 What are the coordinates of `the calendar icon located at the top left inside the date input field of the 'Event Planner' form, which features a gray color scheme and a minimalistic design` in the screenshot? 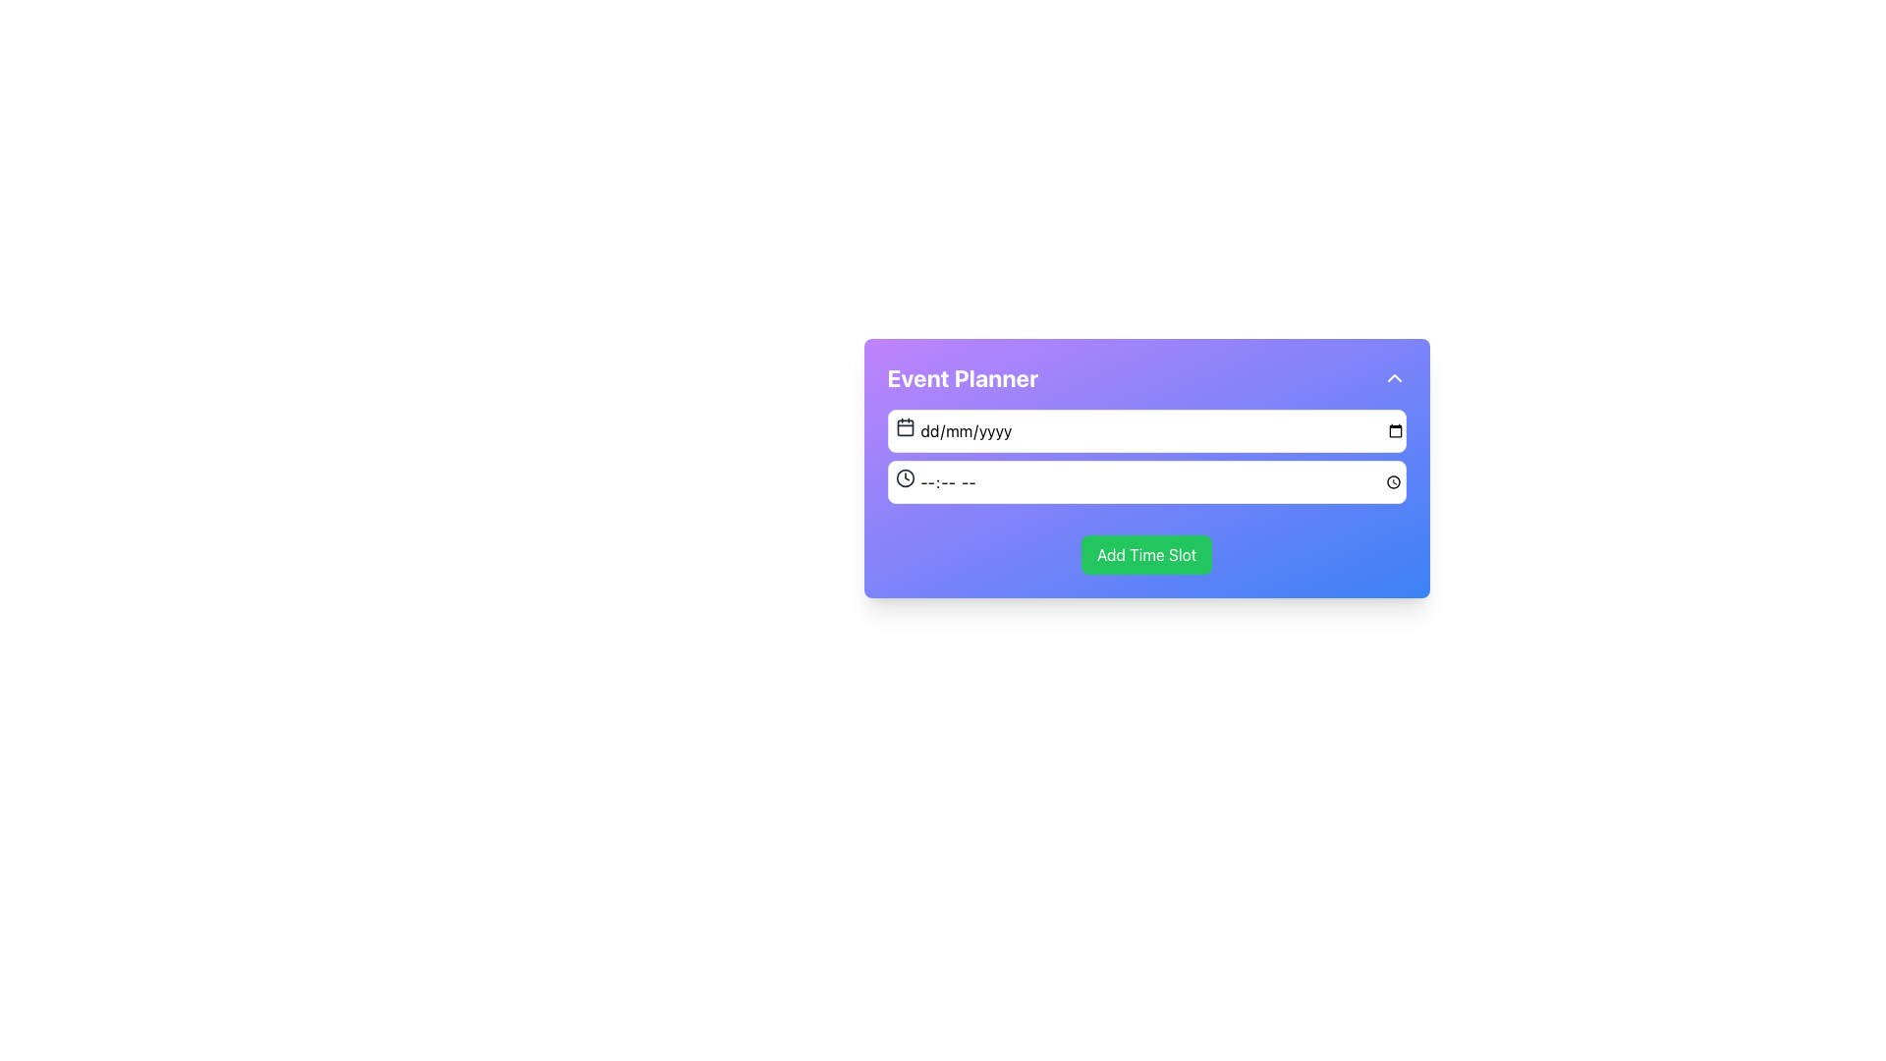 It's located at (904, 426).